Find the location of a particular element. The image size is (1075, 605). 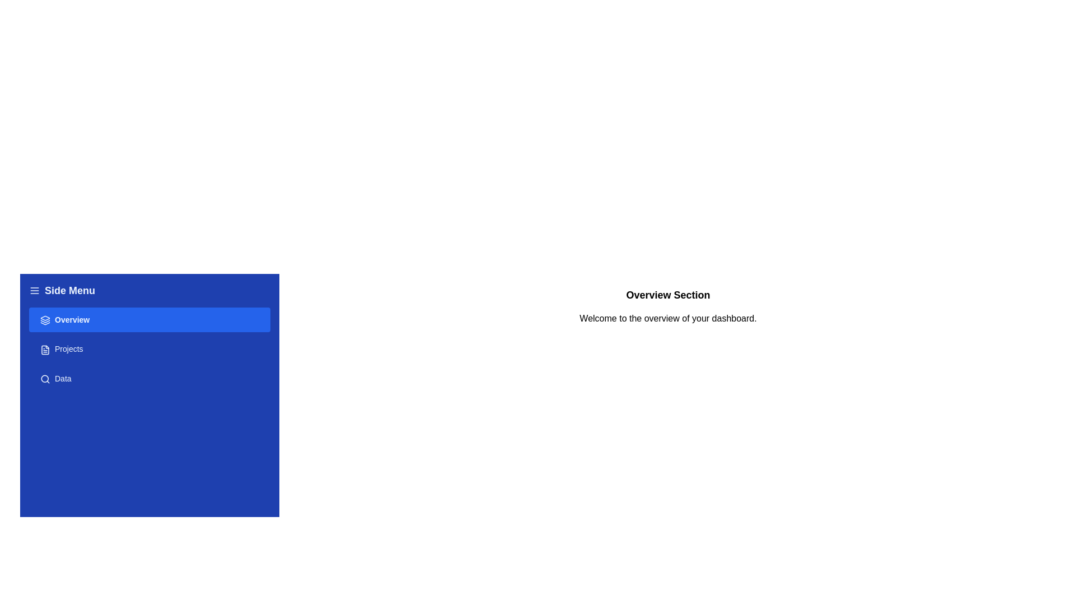

the circular icon component representing the 'Data' section in the side menu is located at coordinates (45, 378).